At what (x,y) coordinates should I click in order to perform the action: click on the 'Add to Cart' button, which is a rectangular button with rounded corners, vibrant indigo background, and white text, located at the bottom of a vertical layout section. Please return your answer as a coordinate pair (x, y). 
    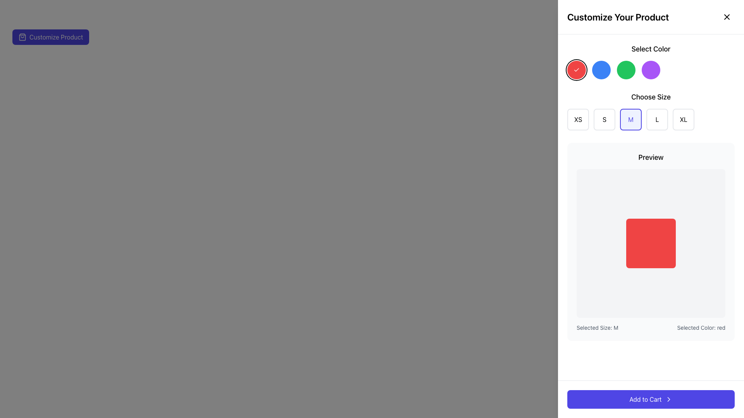
    Looking at the image, I should click on (651, 399).